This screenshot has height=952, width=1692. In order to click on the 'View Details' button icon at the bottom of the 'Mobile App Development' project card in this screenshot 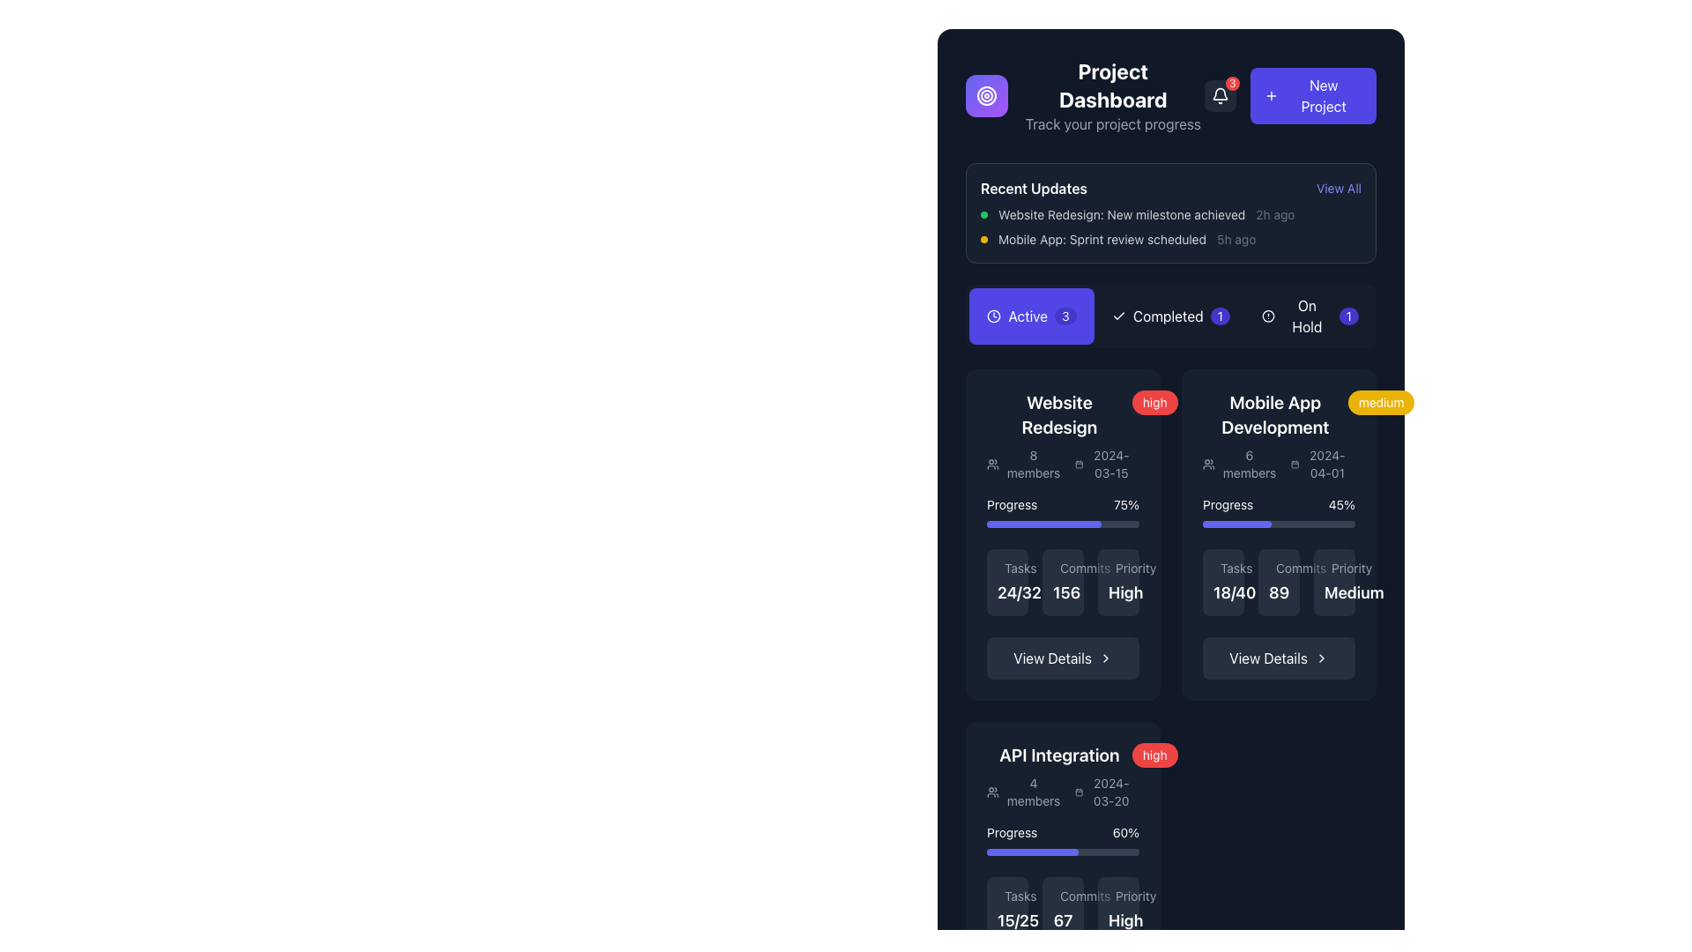, I will do `click(1321, 658)`.